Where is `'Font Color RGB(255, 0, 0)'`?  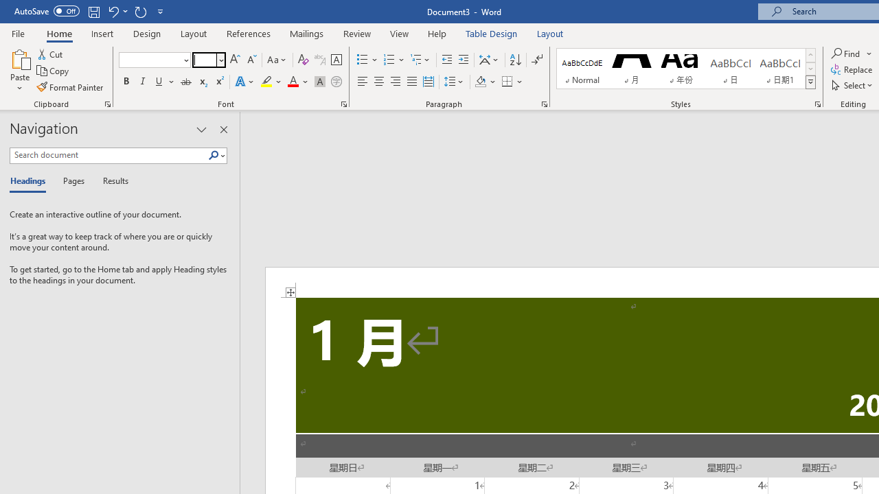
'Font Color RGB(255, 0, 0)' is located at coordinates (292, 82).